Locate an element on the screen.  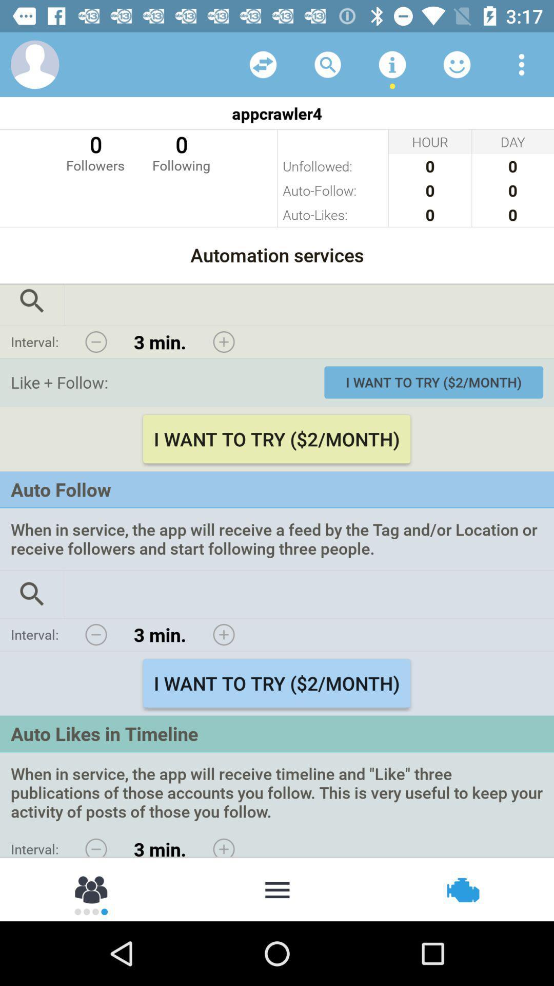
opens menu is located at coordinates (522, 64).